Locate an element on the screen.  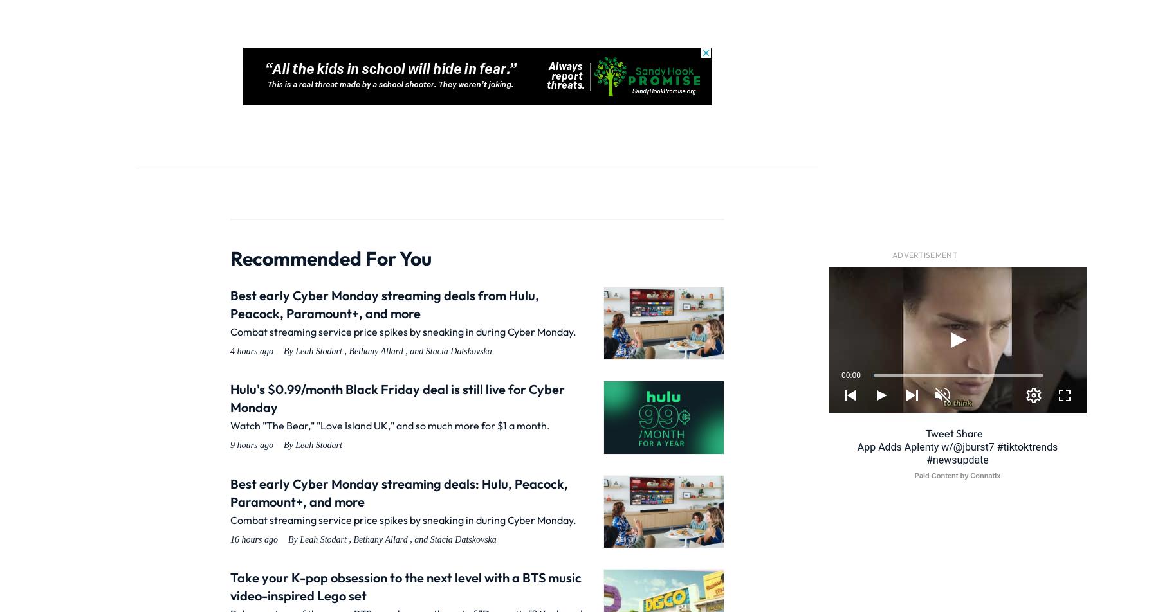
'Take your K-pop obsession to the next level with a BTS music video-inspired Lego set' is located at coordinates (406, 586).